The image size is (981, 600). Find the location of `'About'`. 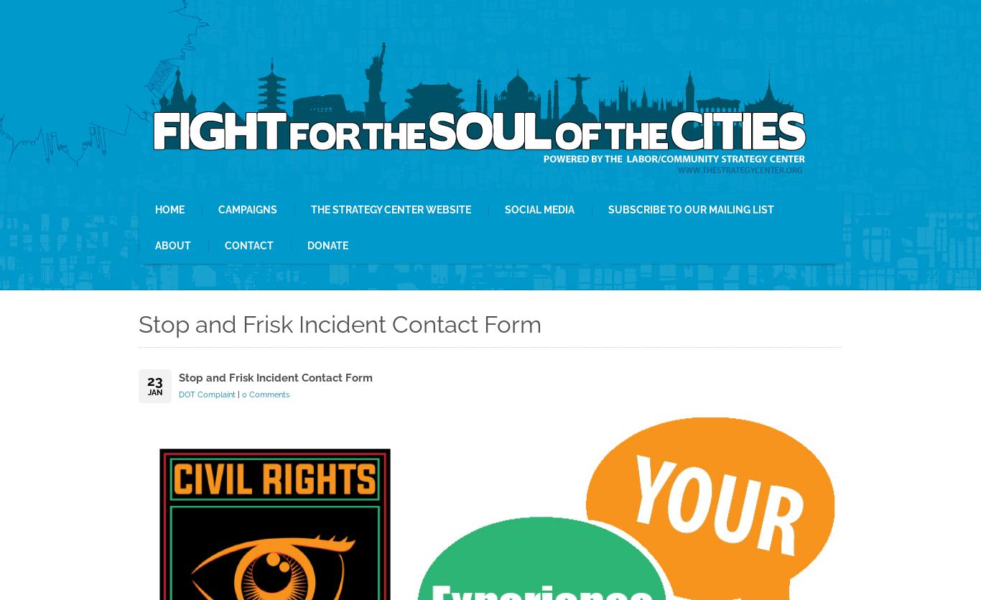

'About' is located at coordinates (172, 246).